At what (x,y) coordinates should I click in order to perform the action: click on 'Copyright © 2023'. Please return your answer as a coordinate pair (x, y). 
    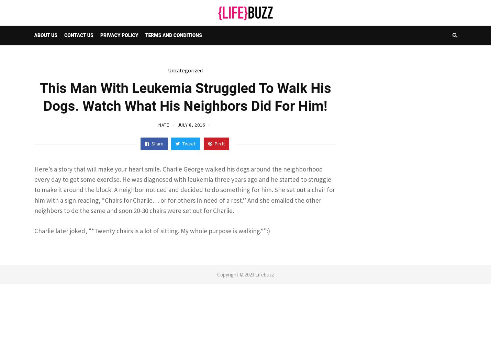
    Looking at the image, I should click on (235, 274).